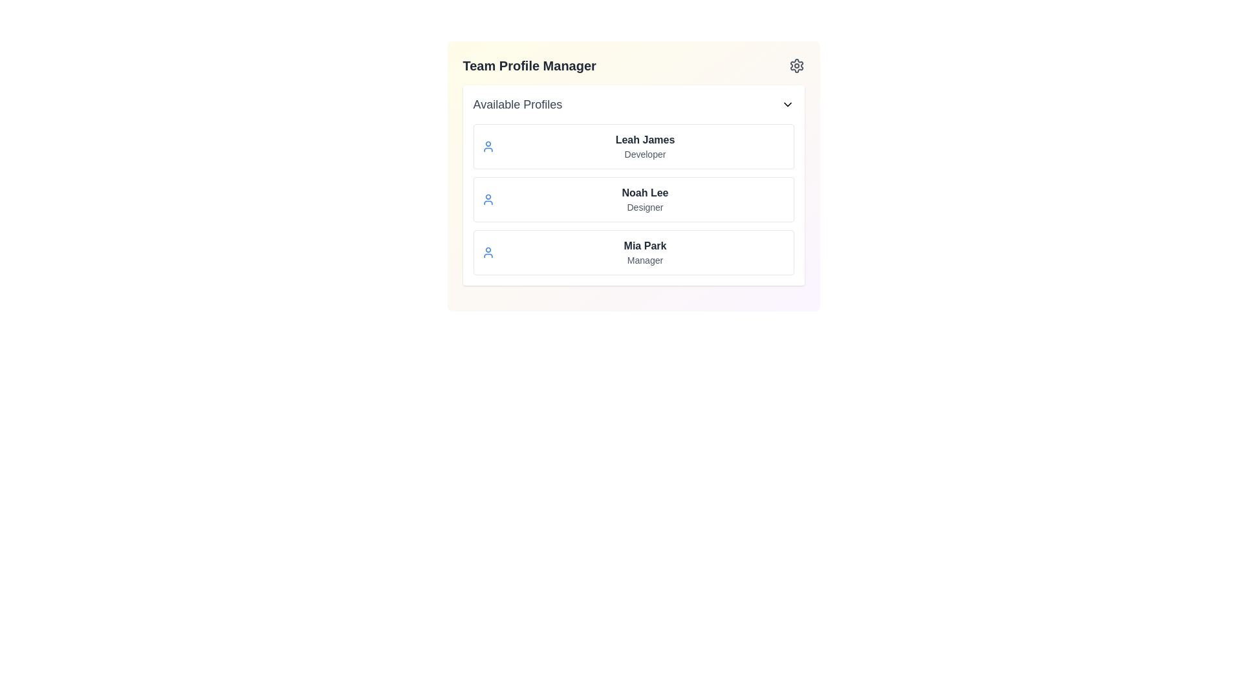 This screenshot has width=1242, height=698. Describe the element at coordinates (633, 176) in the screenshot. I see `the panel containing the list of profile-related items with a gradient background, which includes headers like 'Team Profile Manager' and 'Available Profiles,'` at that location.